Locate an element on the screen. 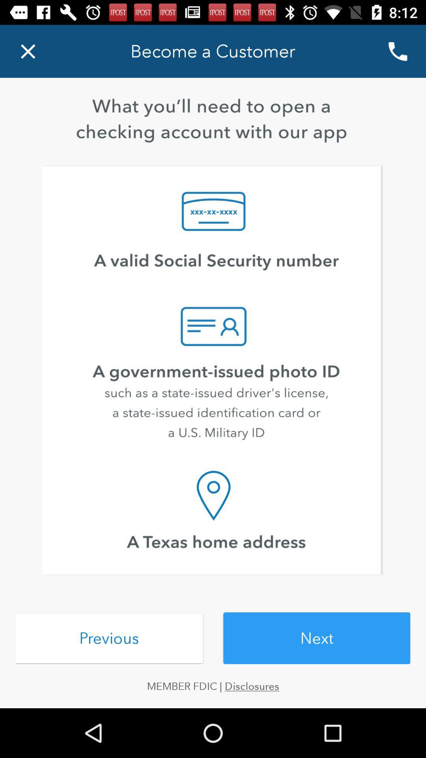  the icon to the left of the next icon is located at coordinates (109, 638).